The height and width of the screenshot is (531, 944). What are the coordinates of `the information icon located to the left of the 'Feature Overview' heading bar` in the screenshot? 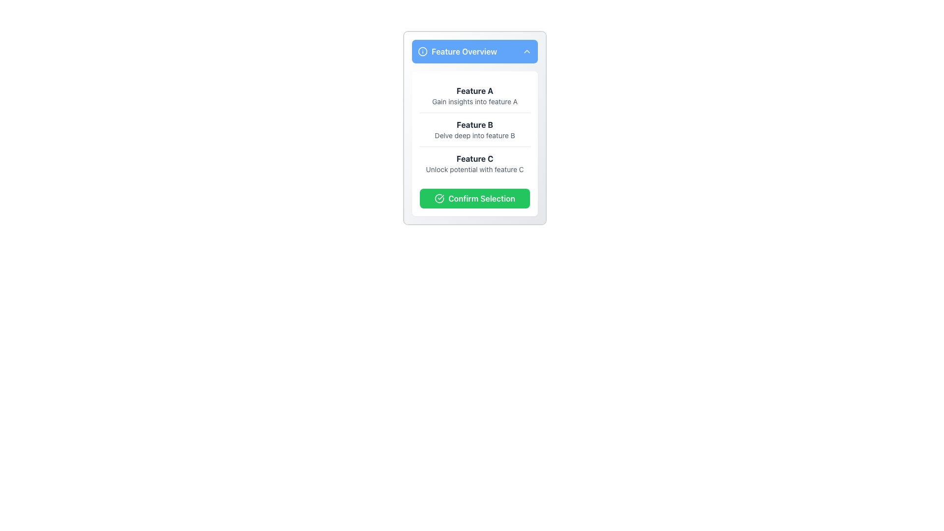 It's located at (422, 51).